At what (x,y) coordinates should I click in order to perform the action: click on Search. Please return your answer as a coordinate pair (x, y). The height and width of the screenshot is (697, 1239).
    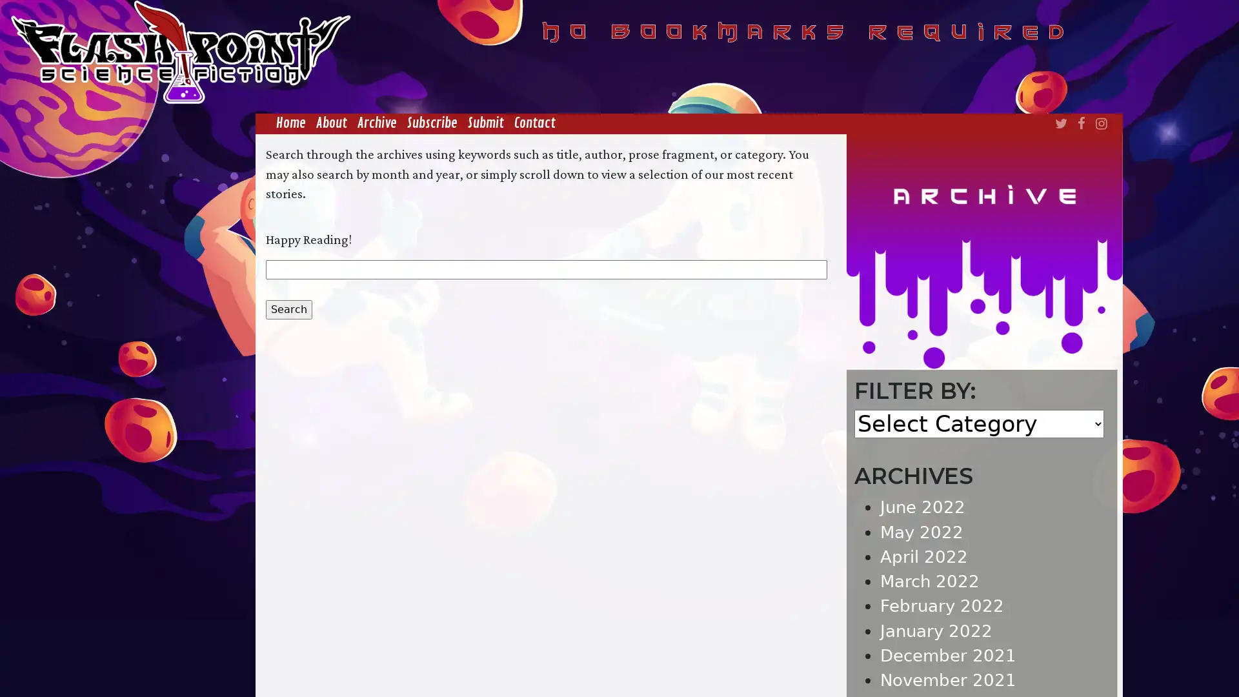
    Looking at the image, I should click on (287, 308).